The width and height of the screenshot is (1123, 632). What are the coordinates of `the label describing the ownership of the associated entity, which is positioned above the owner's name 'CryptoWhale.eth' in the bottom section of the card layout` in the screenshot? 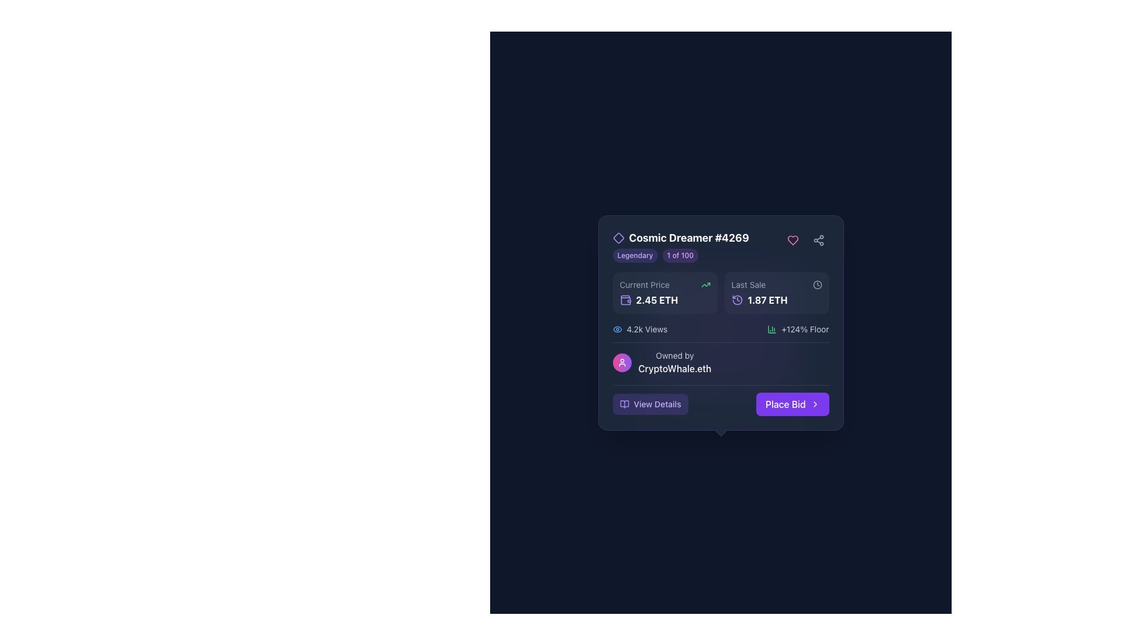 It's located at (674, 355).